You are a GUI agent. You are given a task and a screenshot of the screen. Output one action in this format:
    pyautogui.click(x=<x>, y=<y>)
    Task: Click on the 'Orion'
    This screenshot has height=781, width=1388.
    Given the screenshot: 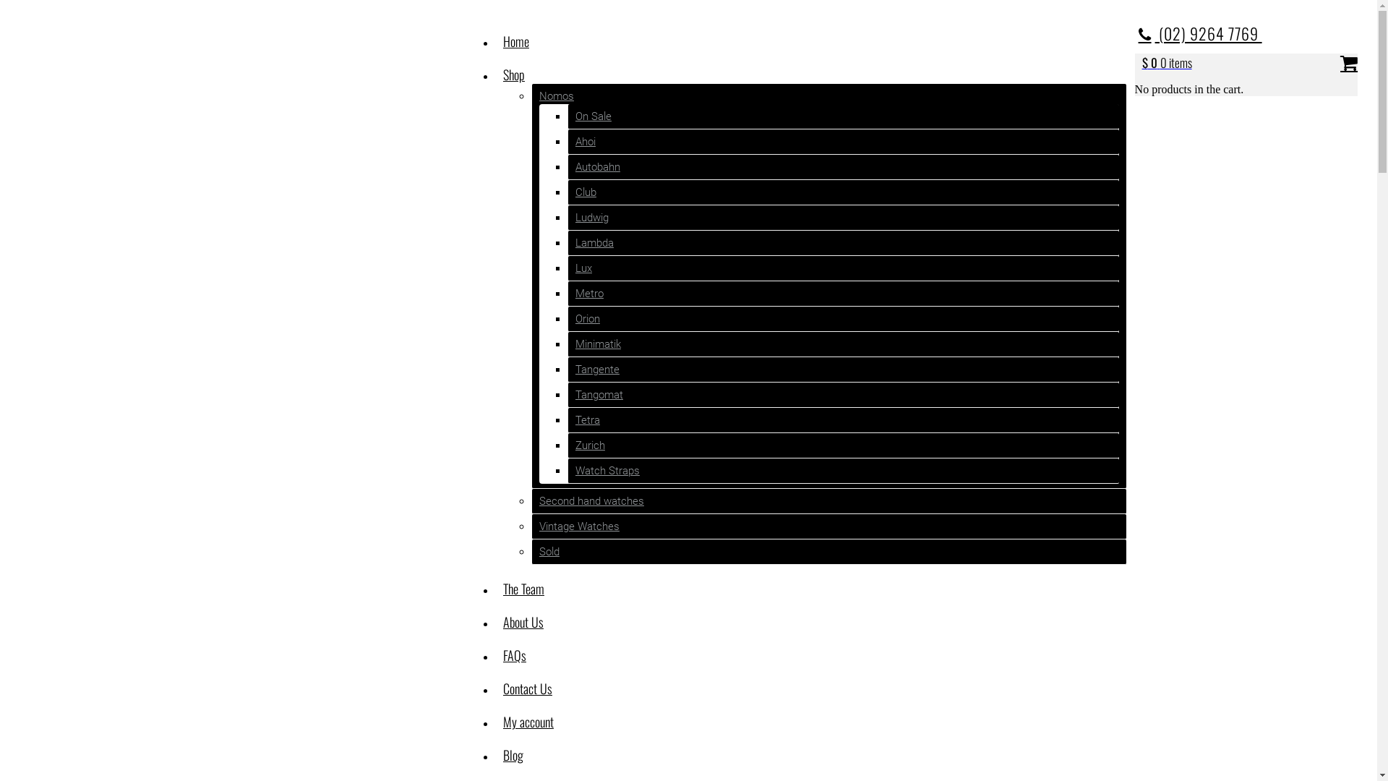 What is the action you would take?
    pyautogui.click(x=575, y=317)
    